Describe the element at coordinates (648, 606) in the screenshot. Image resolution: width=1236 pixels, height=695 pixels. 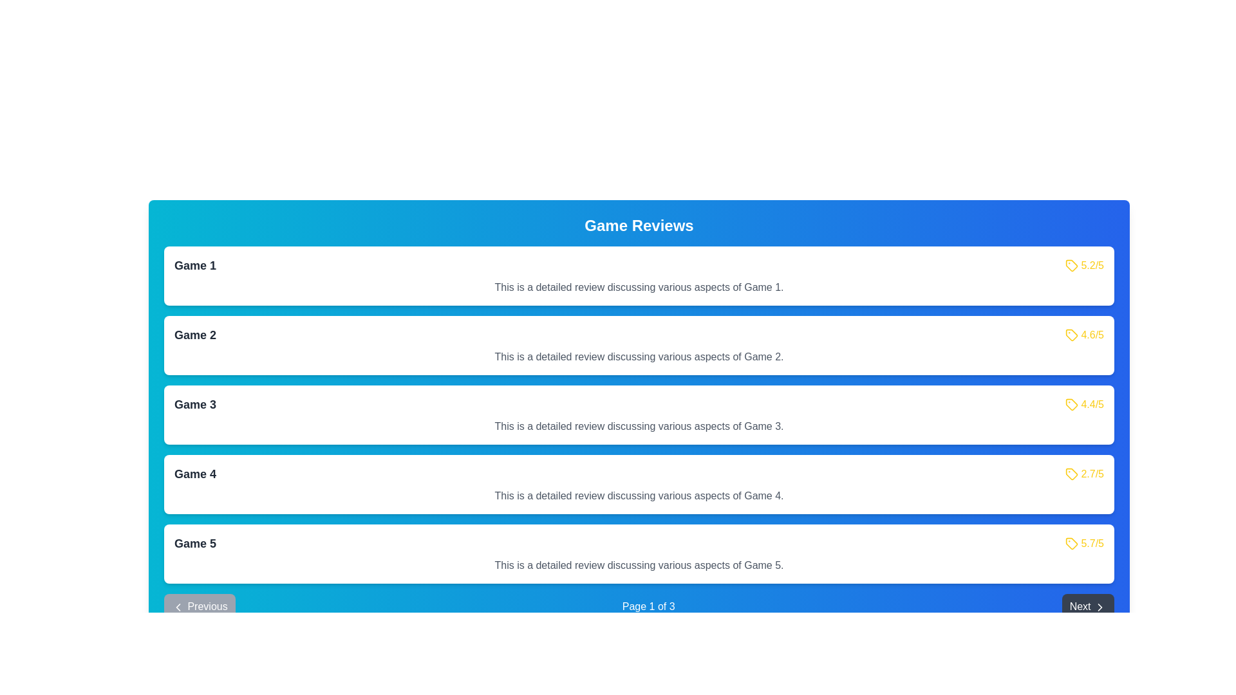
I see `the text label displaying 'Page 1 of 3' which is centrally aligned between the pagination buttons at the bottom of the page` at that location.